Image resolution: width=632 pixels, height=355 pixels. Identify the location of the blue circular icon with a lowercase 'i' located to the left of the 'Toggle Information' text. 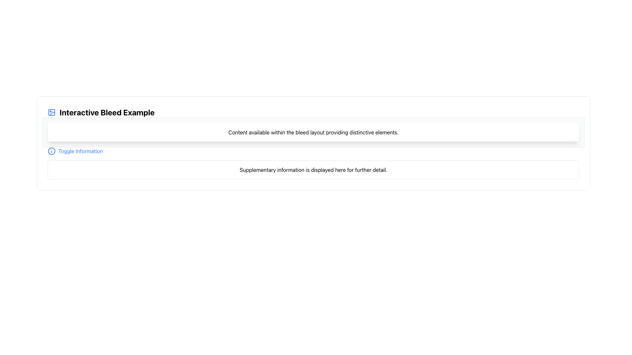
(51, 151).